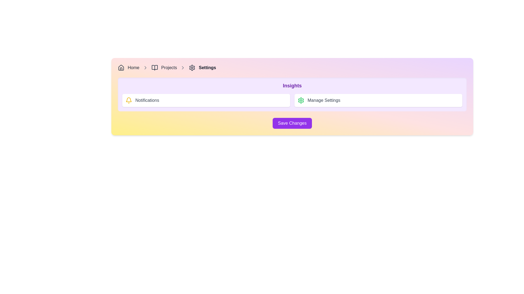 This screenshot has height=294, width=524. I want to click on the gear icon in the breadcrumb navigation bar, located between the 'Projects' link and 'Settings' text, so click(192, 68).